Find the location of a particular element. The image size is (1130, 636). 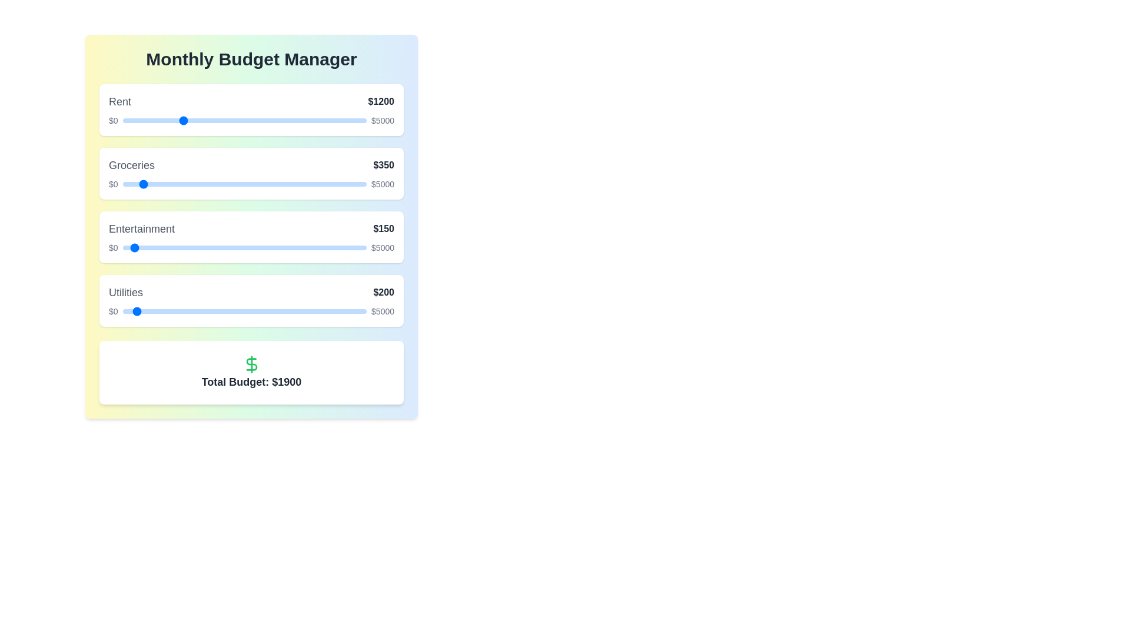

the groceries budget slider is located at coordinates (358, 184).